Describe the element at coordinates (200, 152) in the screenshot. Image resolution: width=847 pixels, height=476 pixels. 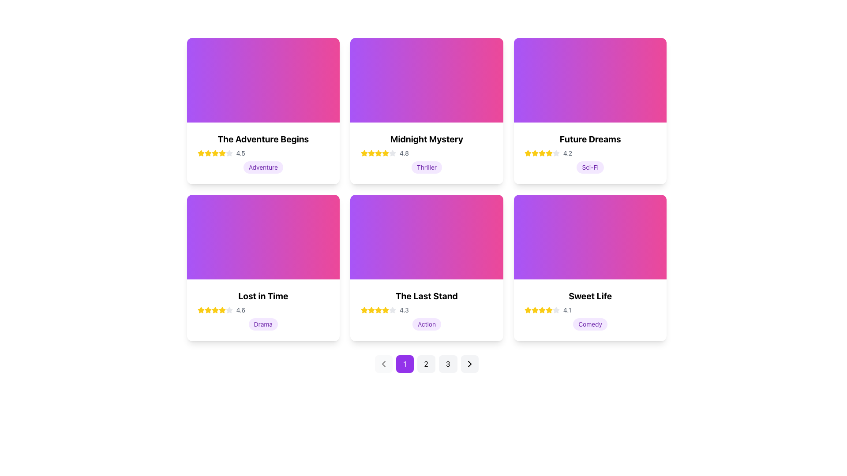
I see `the appearance of the first star icon in the rating display under the card titled 'The Adventure Begins'` at that location.